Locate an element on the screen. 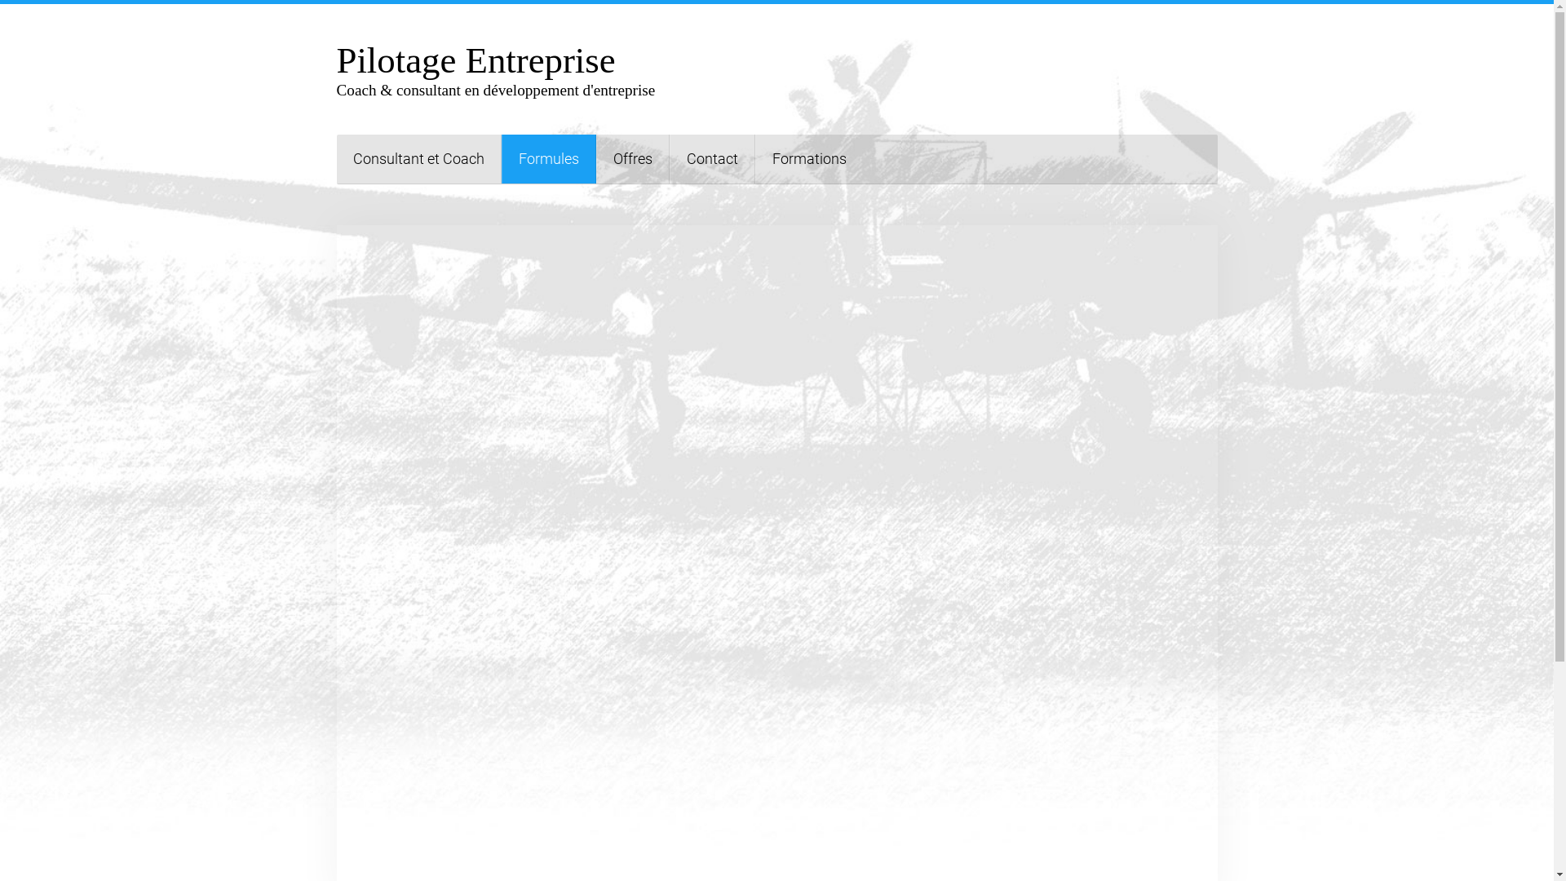 This screenshot has height=881, width=1566. 'Consultant et Coach' is located at coordinates (418, 159).